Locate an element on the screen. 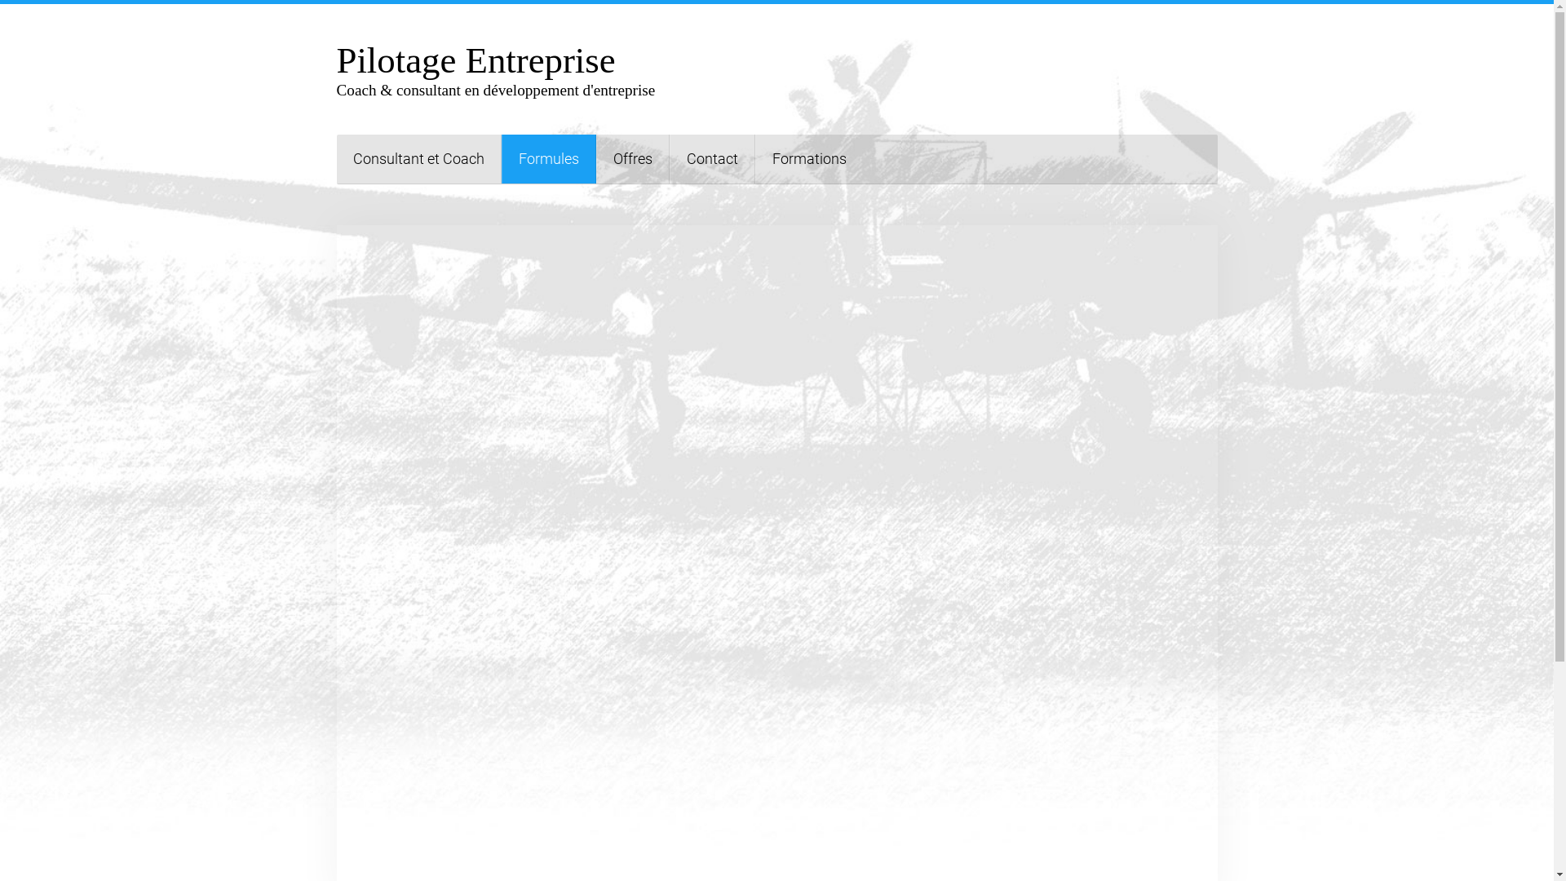 This screenshot has height=881, width=1566. 'Consultant et Coach' is located at coordinates (418, 159).